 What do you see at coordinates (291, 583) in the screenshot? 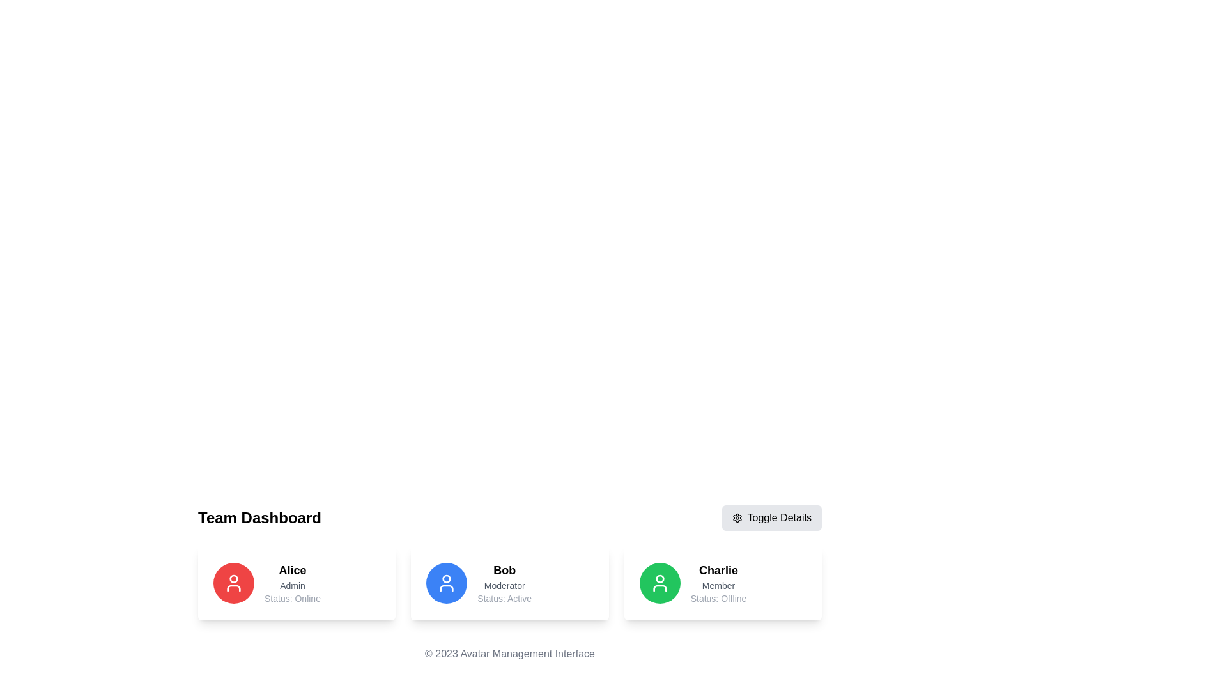
I see `the text block displaying the name 'Alice', role 'Admin', and status 'Status: Online' in the user profile card on the dashboard` at bounding box center [291, 583].